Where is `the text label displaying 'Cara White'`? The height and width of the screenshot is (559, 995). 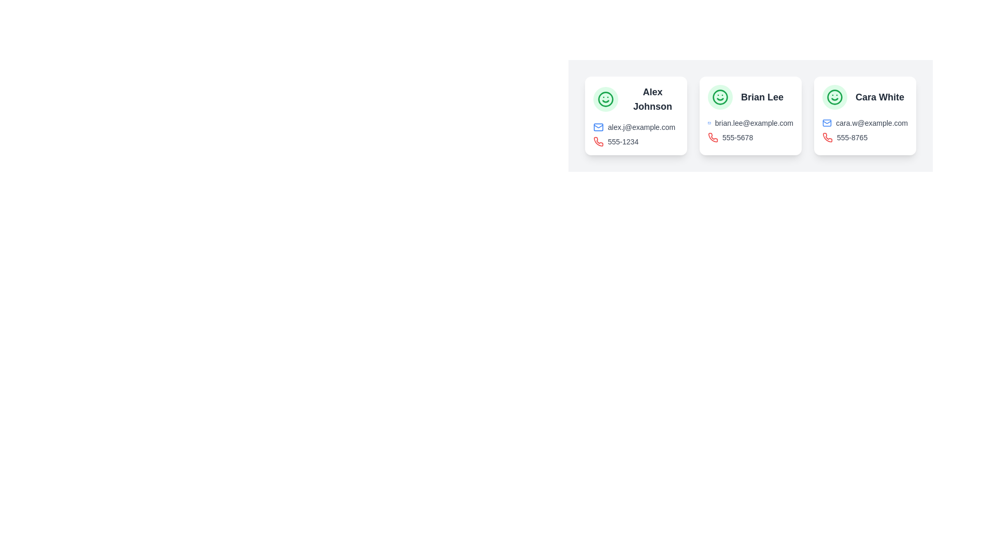 the text label displaying 'Cara White' is located at coordinates (879, 97).